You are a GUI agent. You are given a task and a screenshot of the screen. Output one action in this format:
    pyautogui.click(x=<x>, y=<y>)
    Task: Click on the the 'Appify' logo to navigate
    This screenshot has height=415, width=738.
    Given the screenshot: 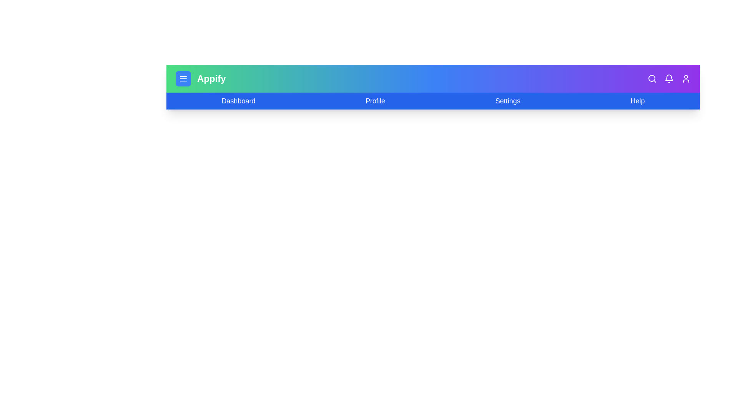 What is the action you would take?
    pyautogui.click(x=211, y=78)
    